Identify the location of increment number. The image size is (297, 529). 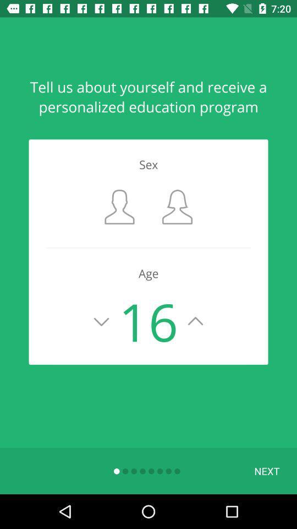
(195, 321).